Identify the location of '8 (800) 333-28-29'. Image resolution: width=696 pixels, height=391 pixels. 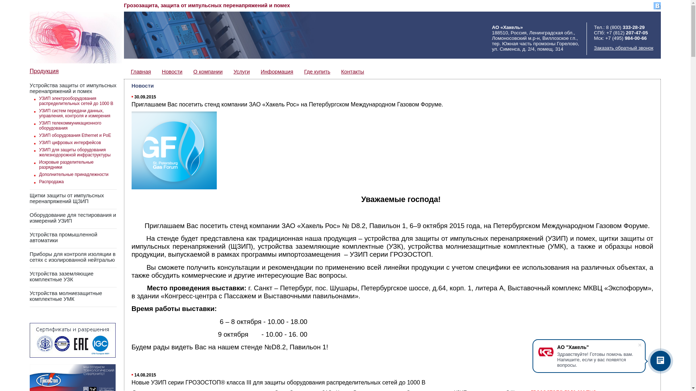
(606, 27).